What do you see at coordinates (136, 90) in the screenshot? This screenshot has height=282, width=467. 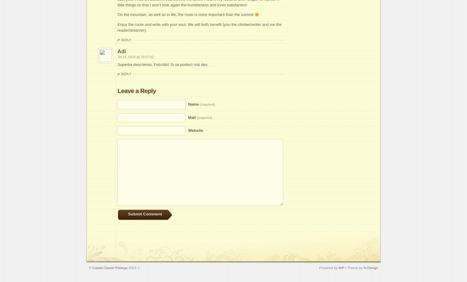 I see `'Leave a Reply'` at bounding box center [136, 90].